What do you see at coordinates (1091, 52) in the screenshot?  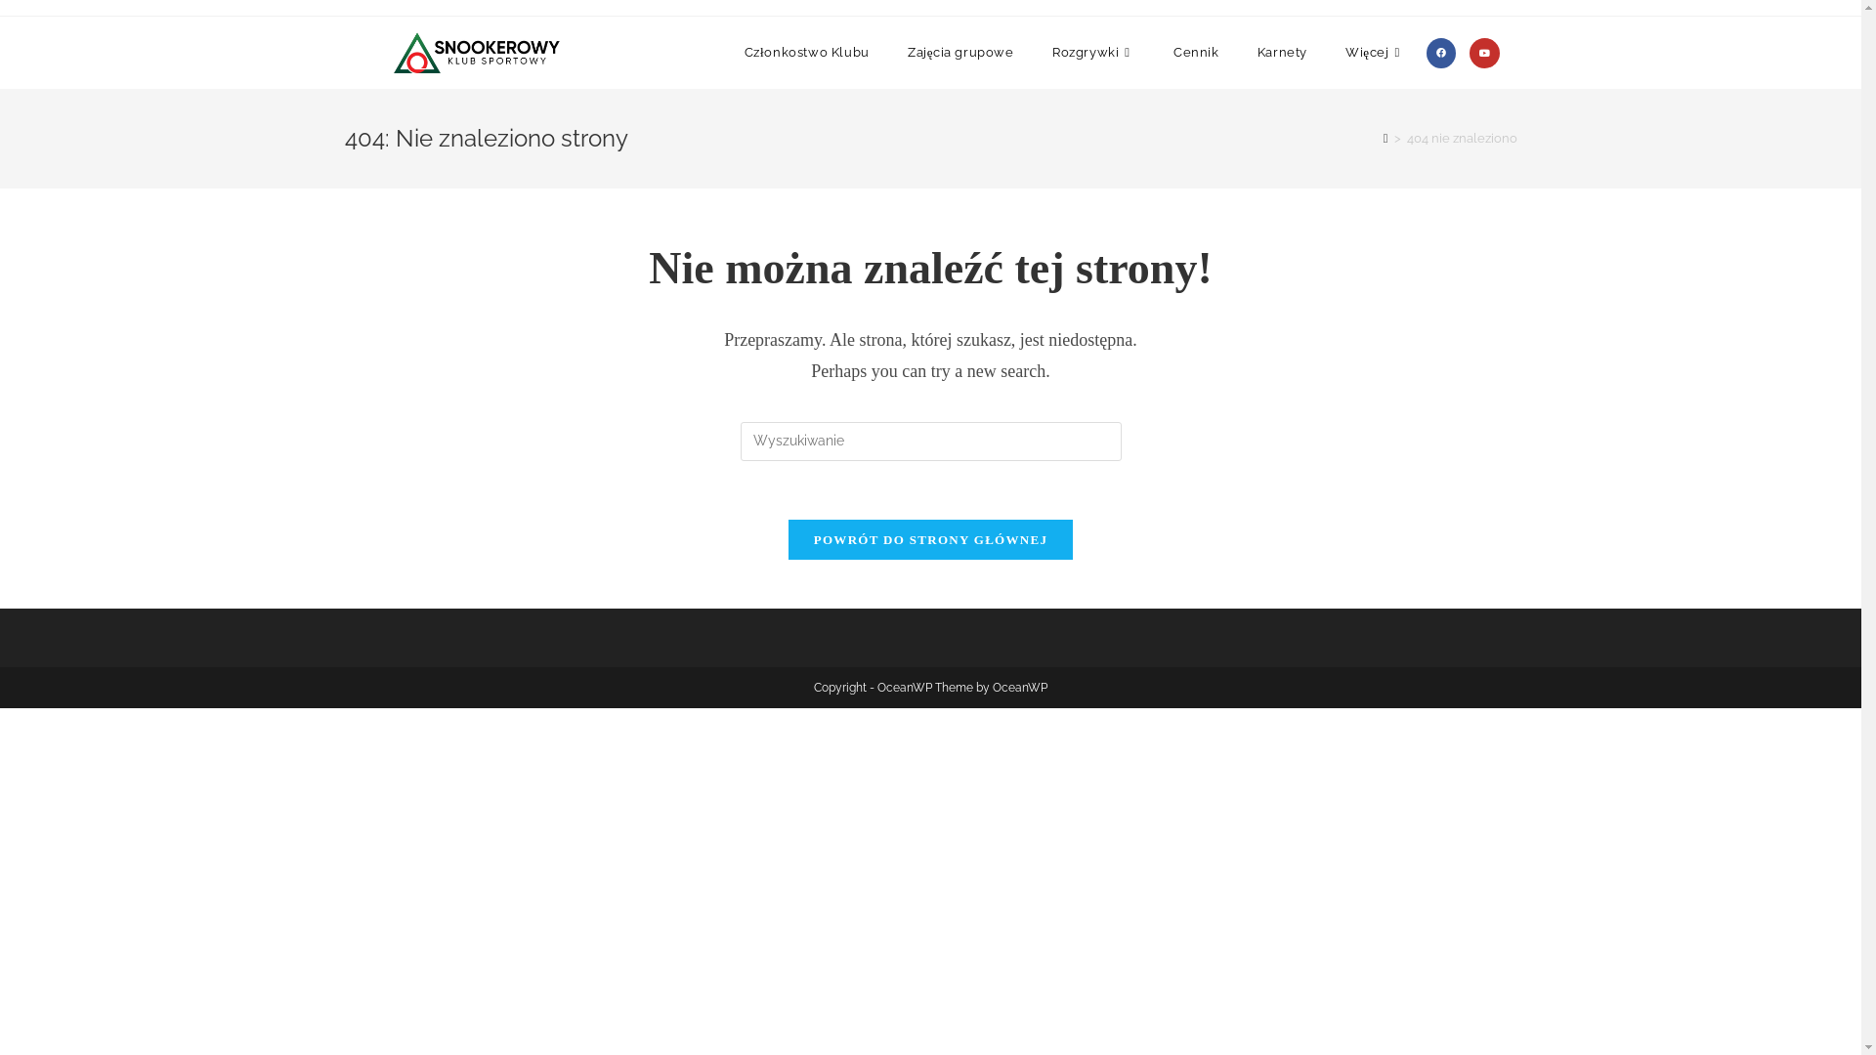 I see `'Rozgrywki'` at bounding box center [1091, 52].